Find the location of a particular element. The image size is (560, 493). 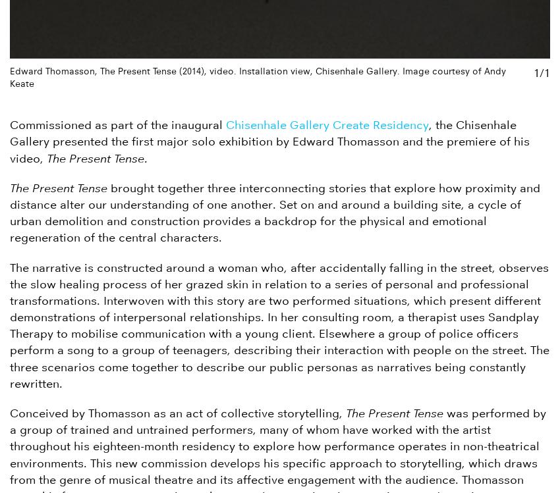

'Chisenhale Gallery Create Residency' is located at coordinates (327, 124).